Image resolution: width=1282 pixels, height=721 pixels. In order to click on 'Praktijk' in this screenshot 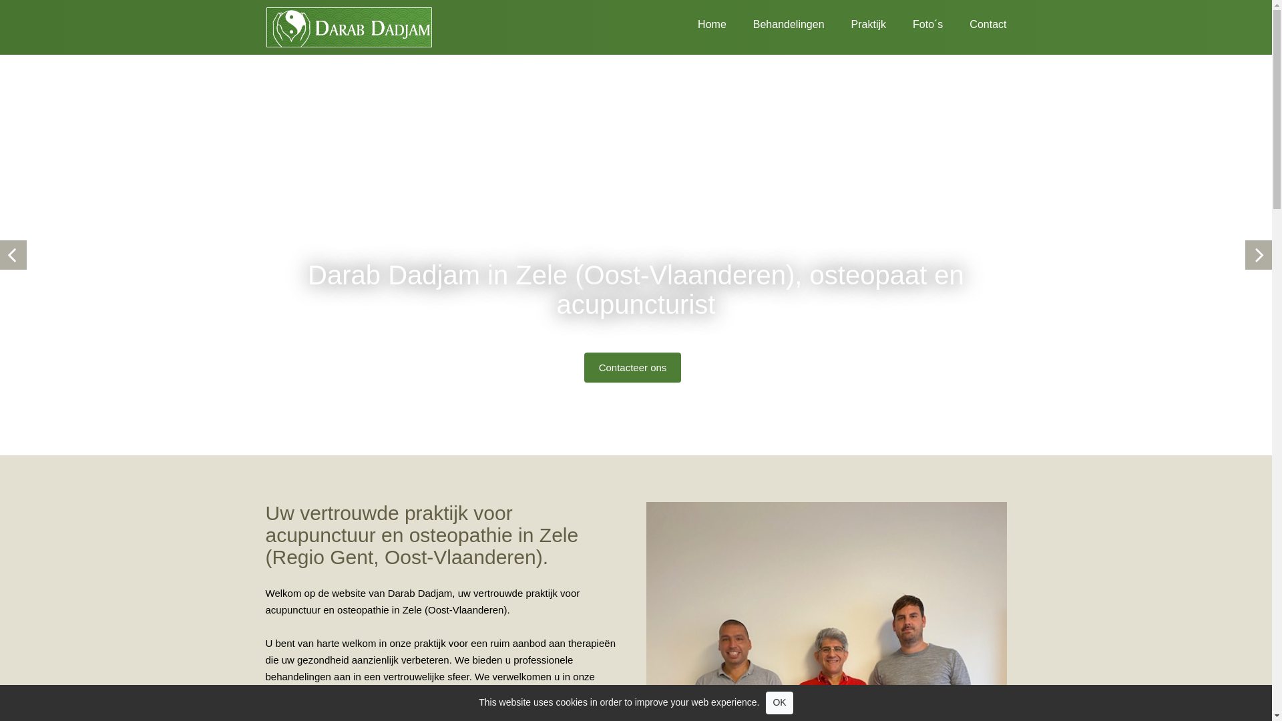, I will do `click(855, 22)`.